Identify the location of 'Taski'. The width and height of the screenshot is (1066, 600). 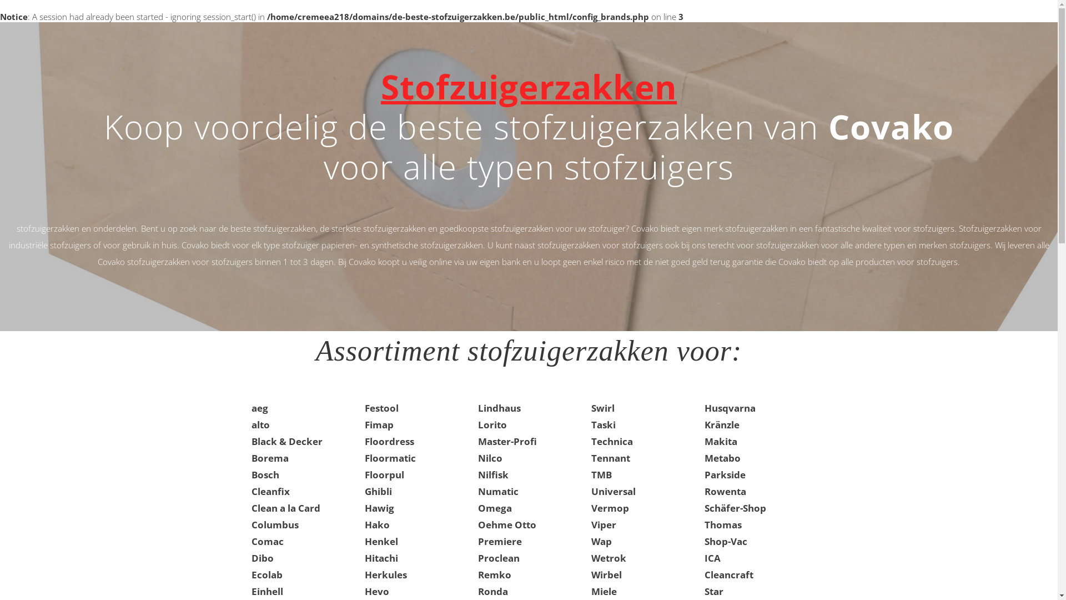
(602, 424).